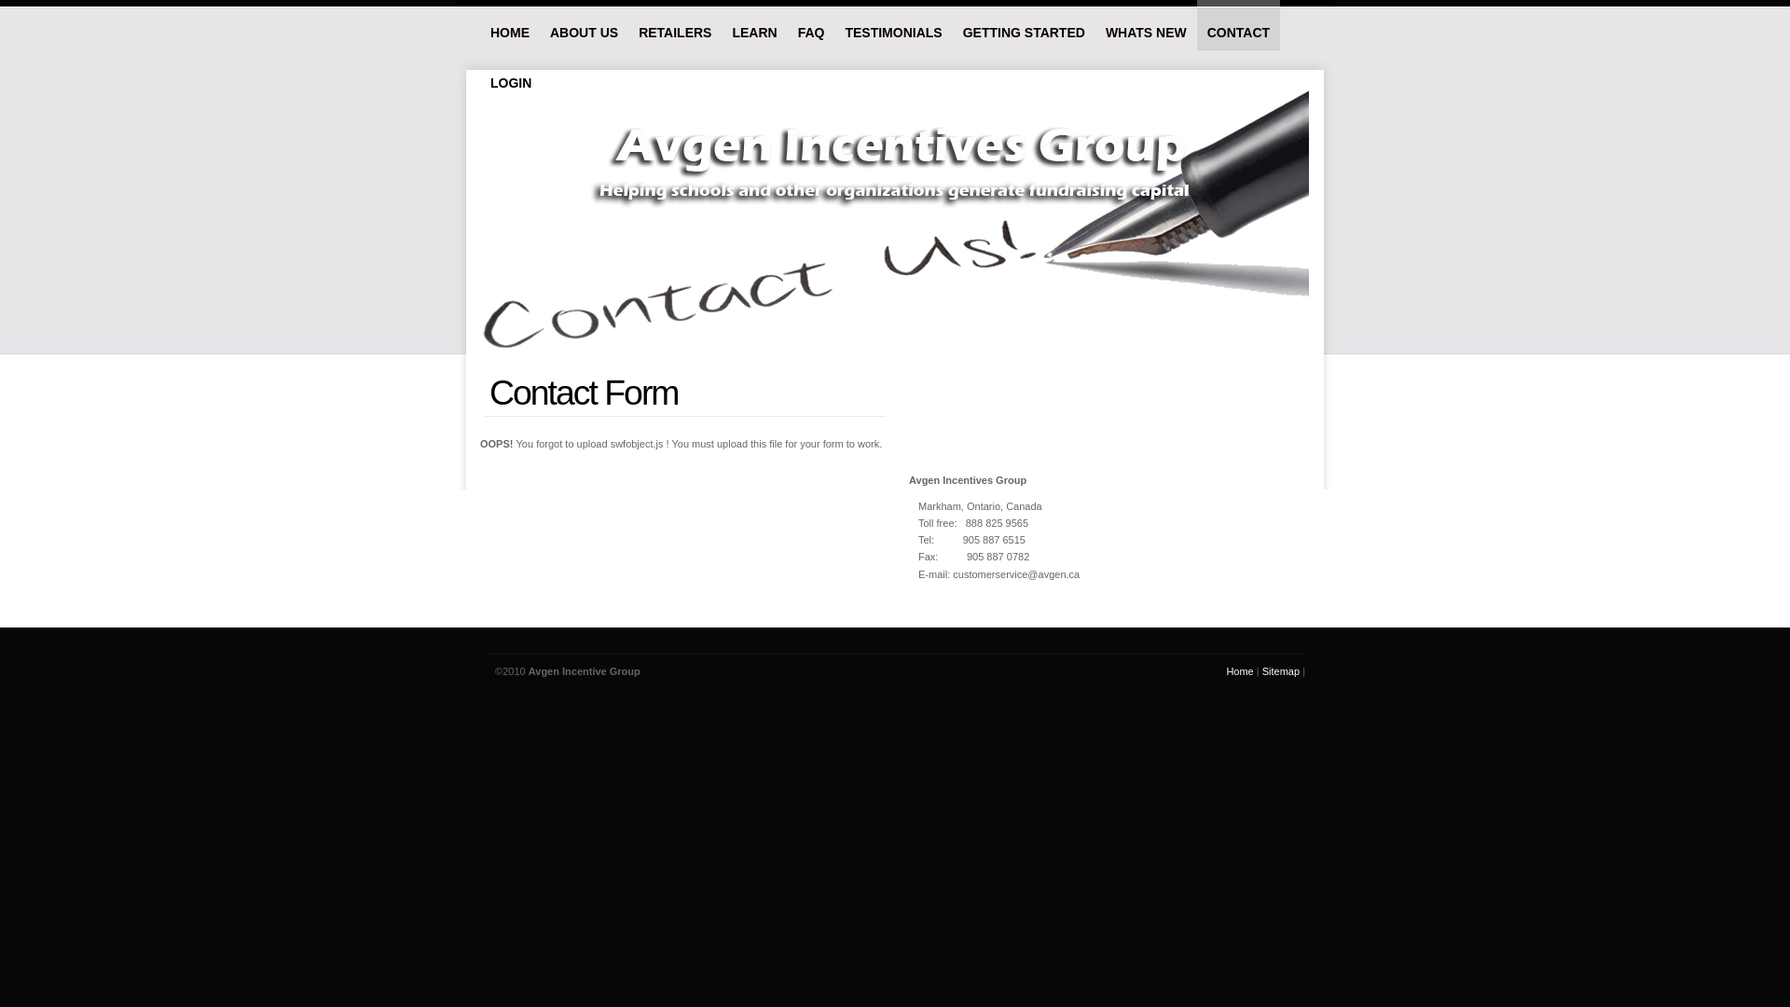 The height and width of the screenshot is (1007, 1790). What do you see at coordinates (1239, 671) in the screenshot?
I see `'Home'` at bounding box center [1239, 671].